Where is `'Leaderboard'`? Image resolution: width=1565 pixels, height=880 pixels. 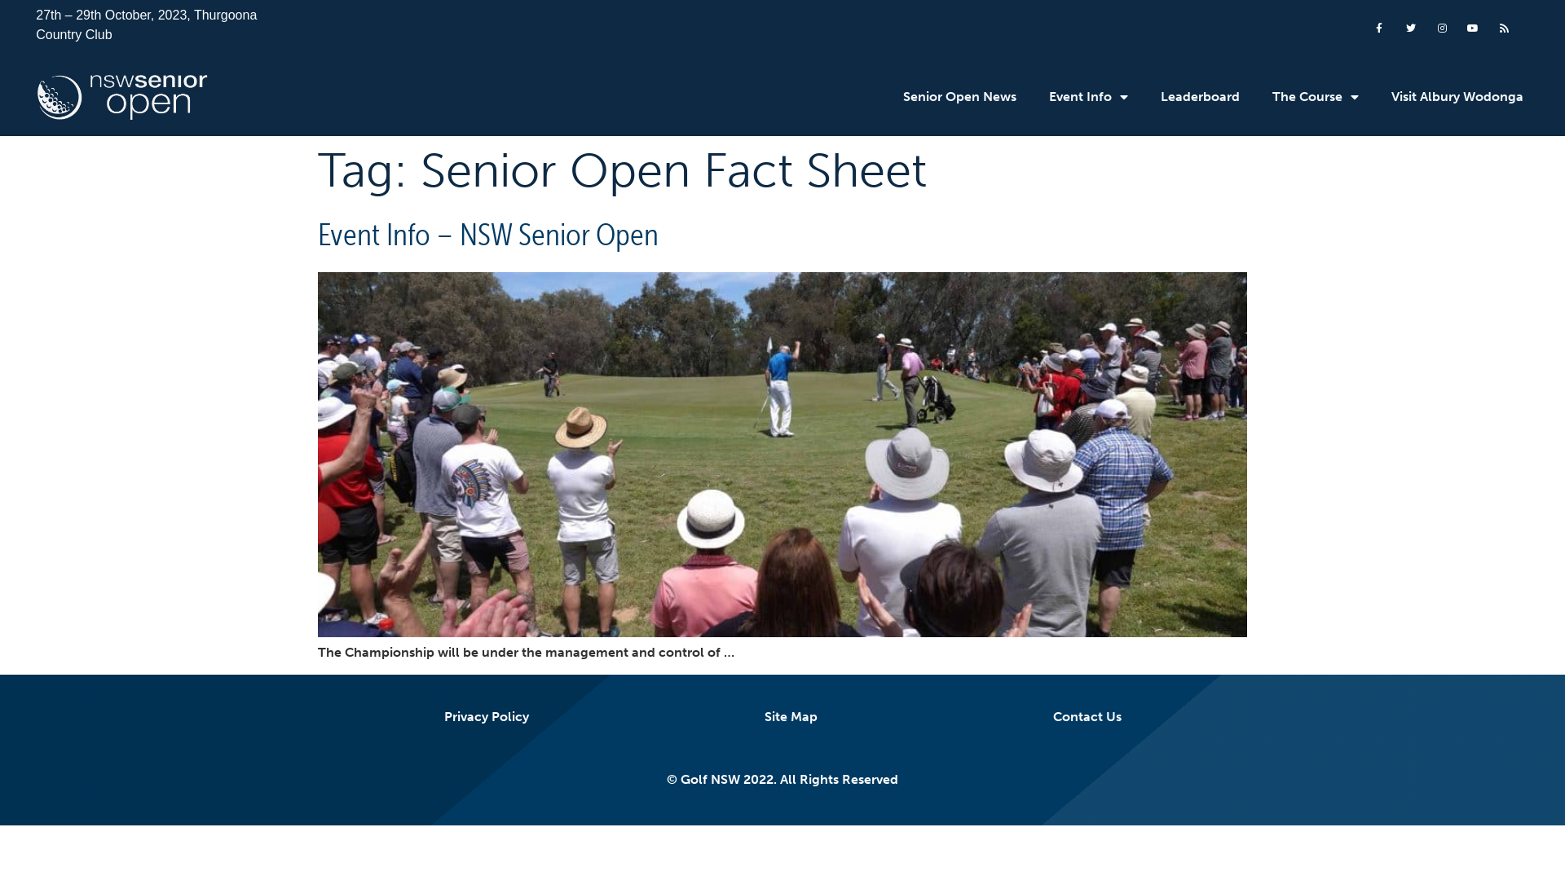
'Leaderboard' is located at coordinates (1143, 97).